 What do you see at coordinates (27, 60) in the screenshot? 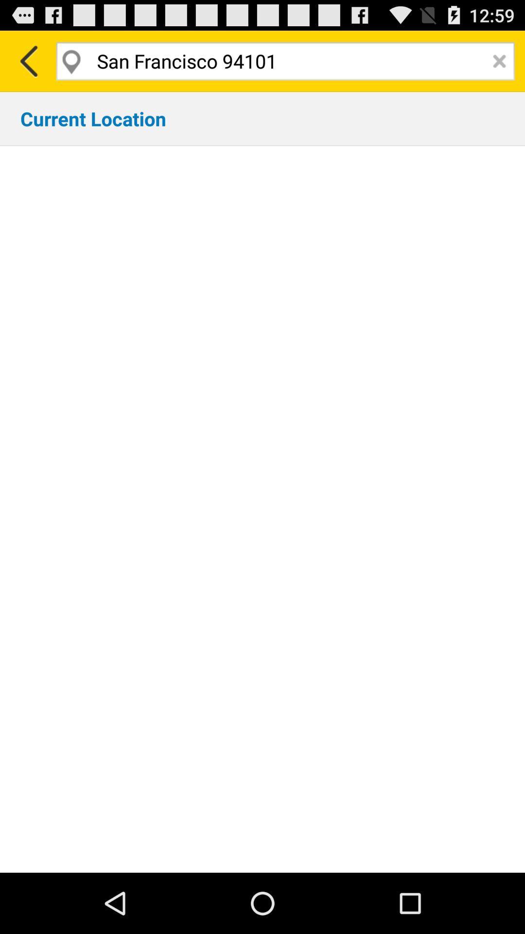
I see `go back` at bounding box center [27, 60].